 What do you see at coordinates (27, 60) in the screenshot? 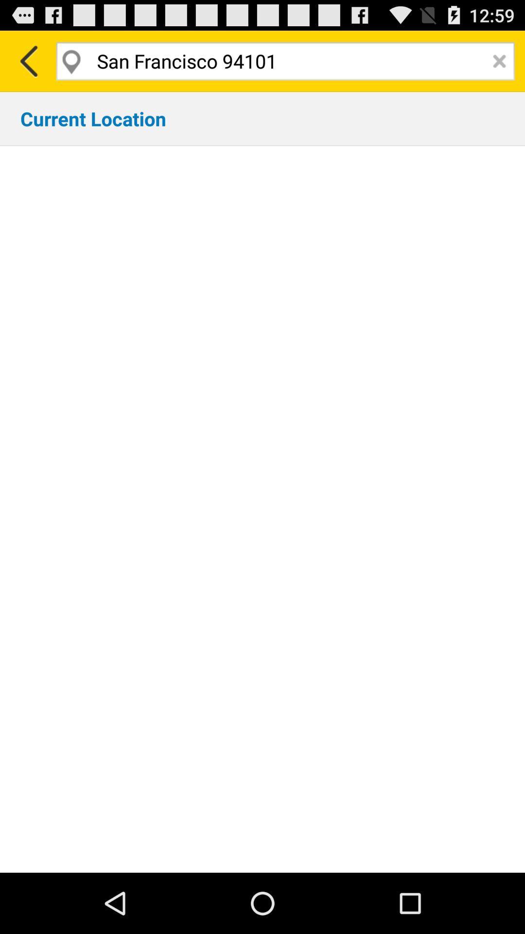
I see `go back` at bounding box center [27, 60].